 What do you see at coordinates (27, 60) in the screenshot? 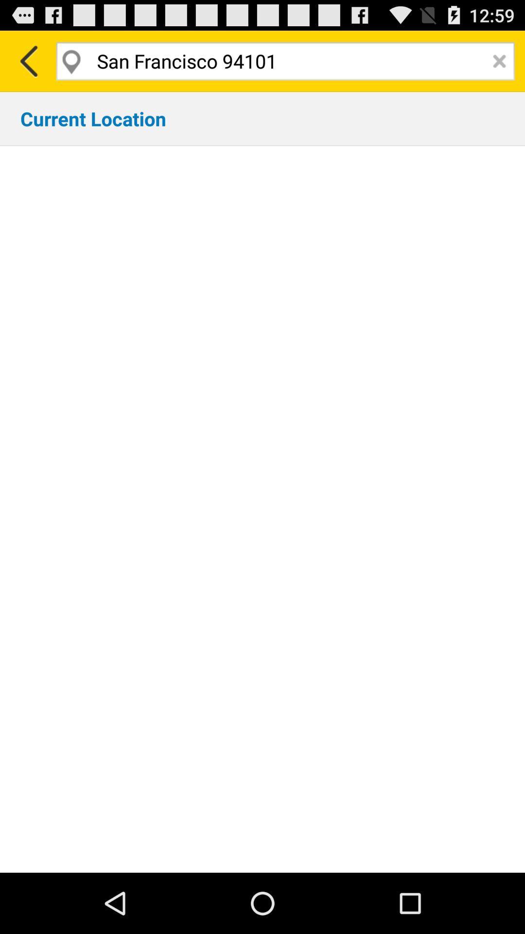
I see `go back` at bounding box center [27, 60].